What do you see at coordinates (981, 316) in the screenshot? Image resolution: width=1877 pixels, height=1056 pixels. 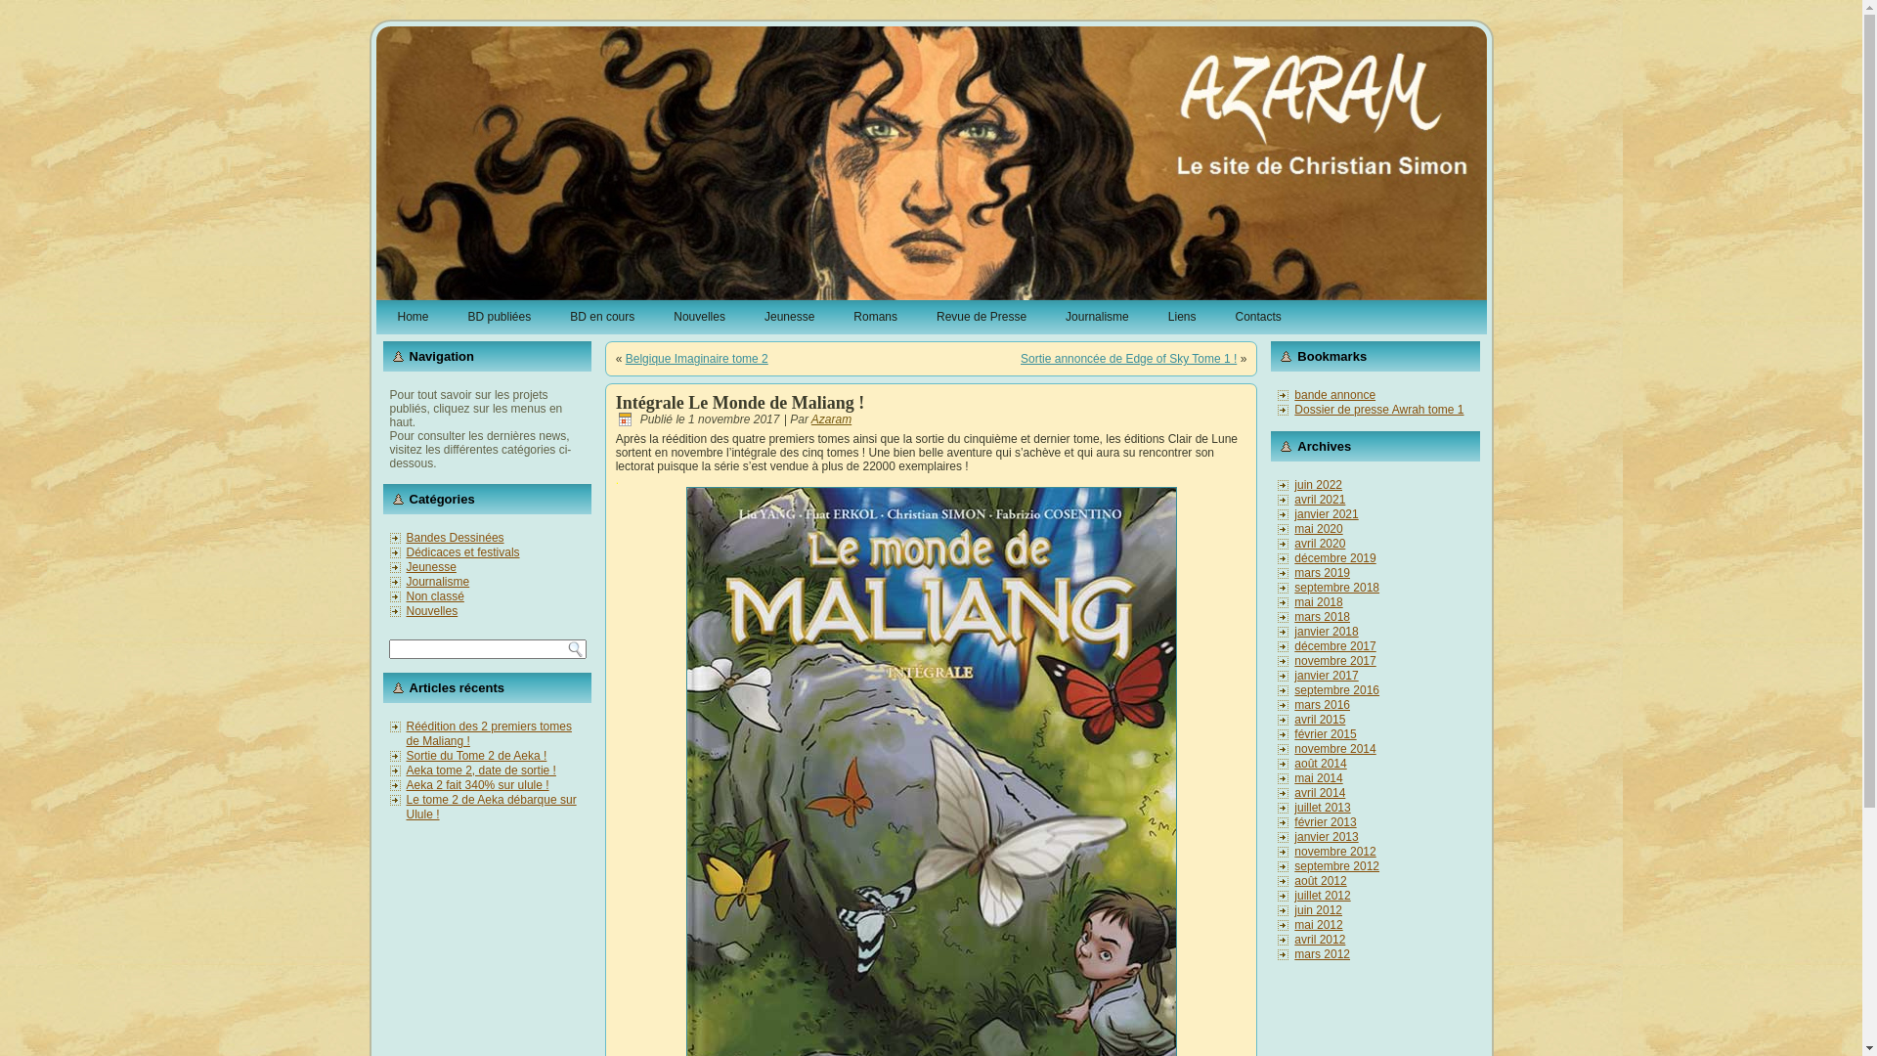 I see `'Revue de Presse'` at bounding box center [981, 316].